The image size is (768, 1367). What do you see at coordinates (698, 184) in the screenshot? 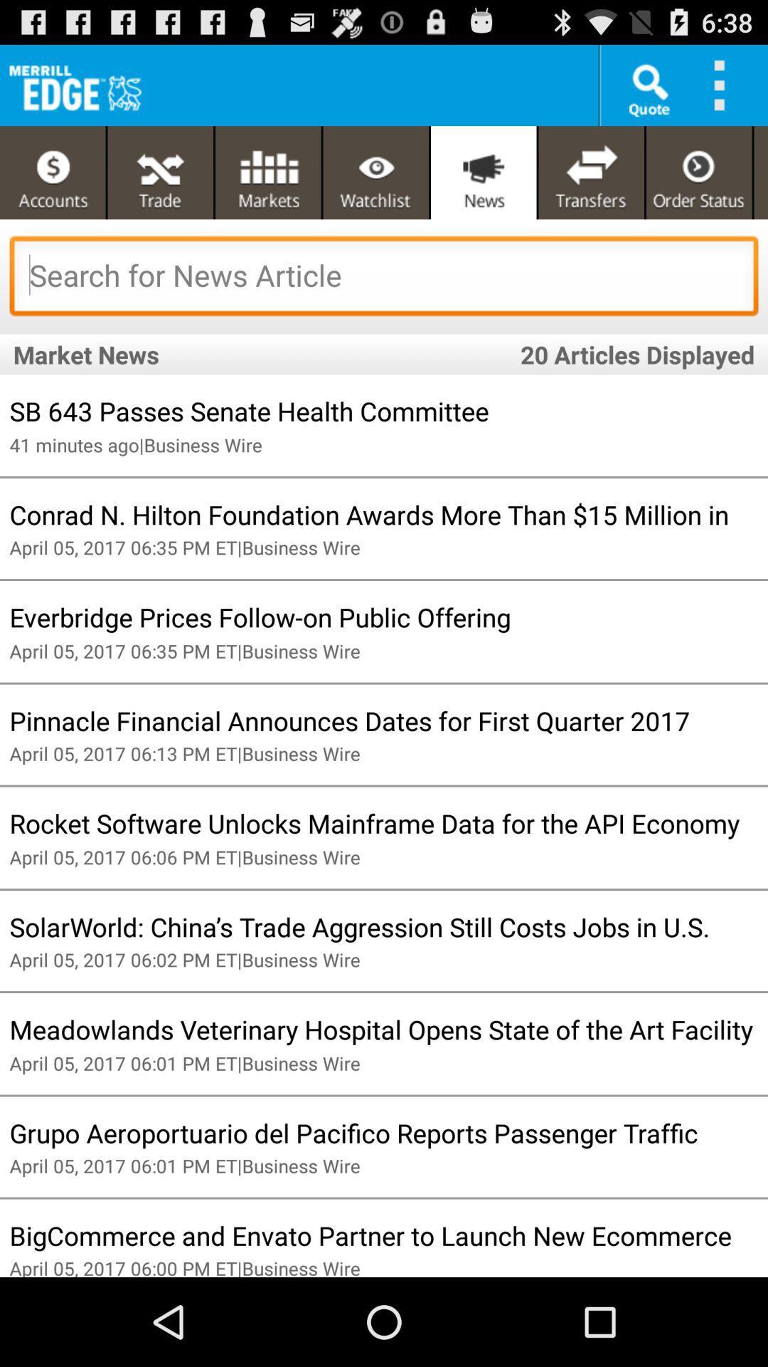
I see `the time icon` at bounding box center [698, 184].